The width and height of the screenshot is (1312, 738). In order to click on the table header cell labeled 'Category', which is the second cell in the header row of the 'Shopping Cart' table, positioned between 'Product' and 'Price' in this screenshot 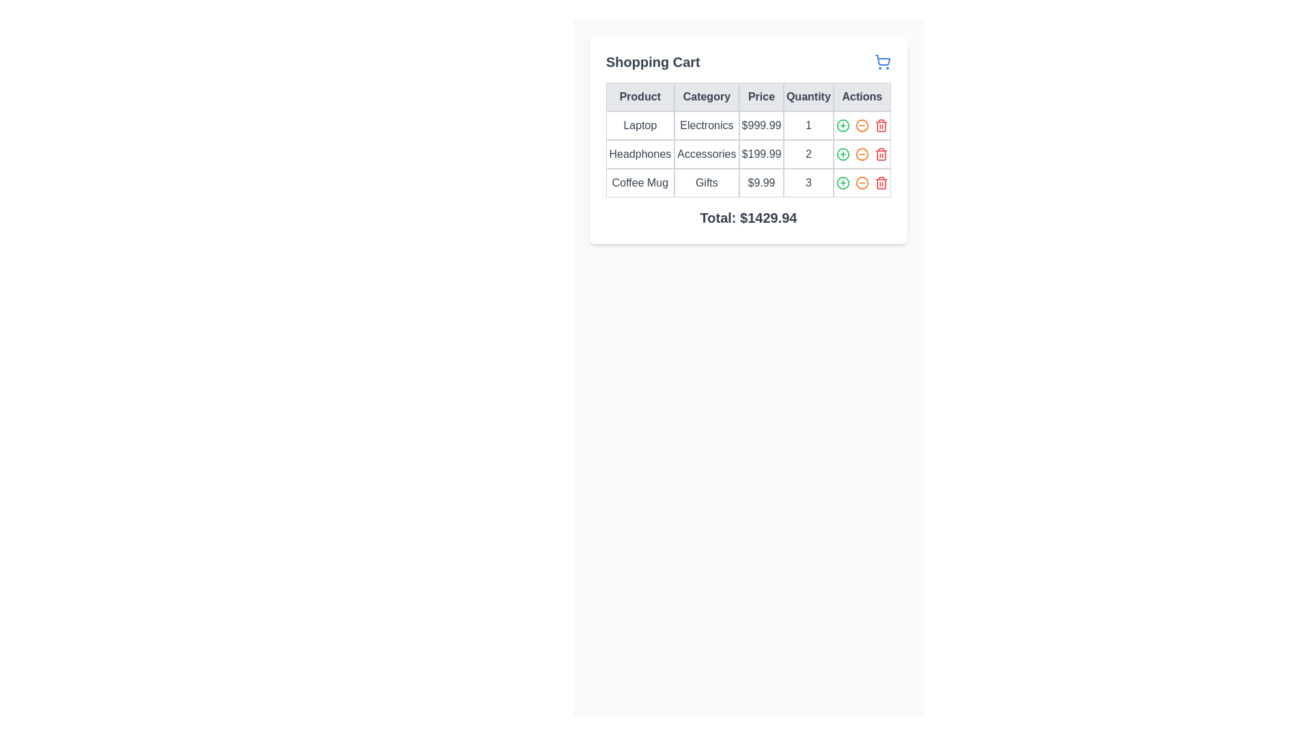, I will do `click(707, 96)`.